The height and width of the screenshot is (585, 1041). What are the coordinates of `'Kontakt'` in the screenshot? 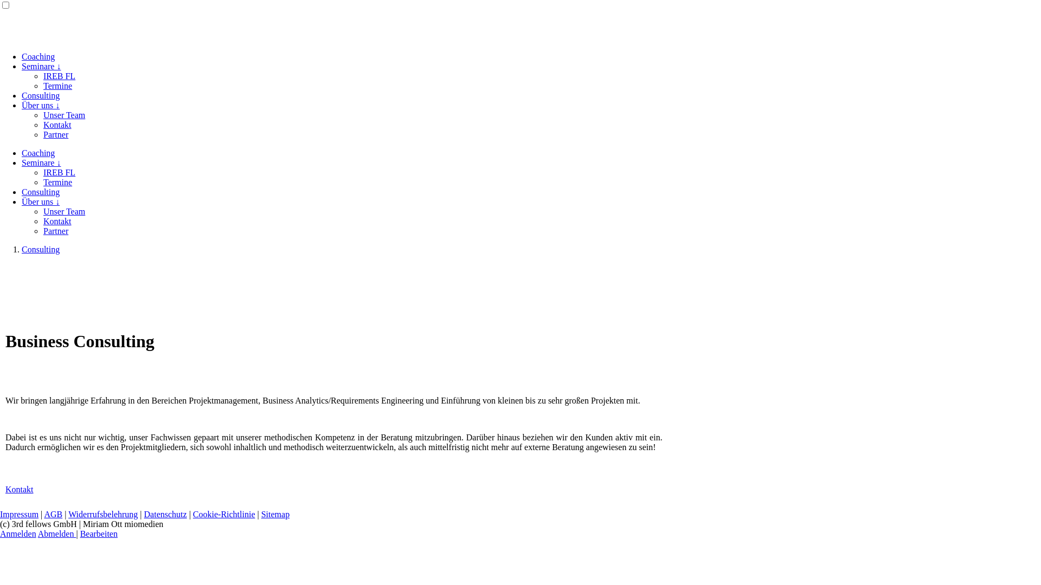 It's located at (20, 489).